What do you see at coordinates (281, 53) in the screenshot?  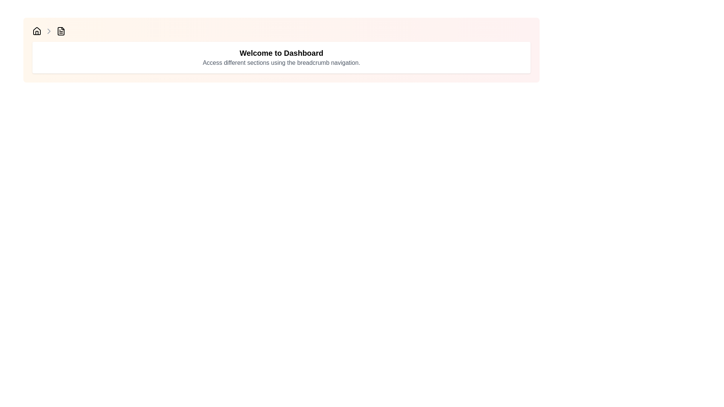 I see `the Text Header located at the upper middle region of the dashboard interface to interact with associated components if linked` at bounding box center [281, 53].